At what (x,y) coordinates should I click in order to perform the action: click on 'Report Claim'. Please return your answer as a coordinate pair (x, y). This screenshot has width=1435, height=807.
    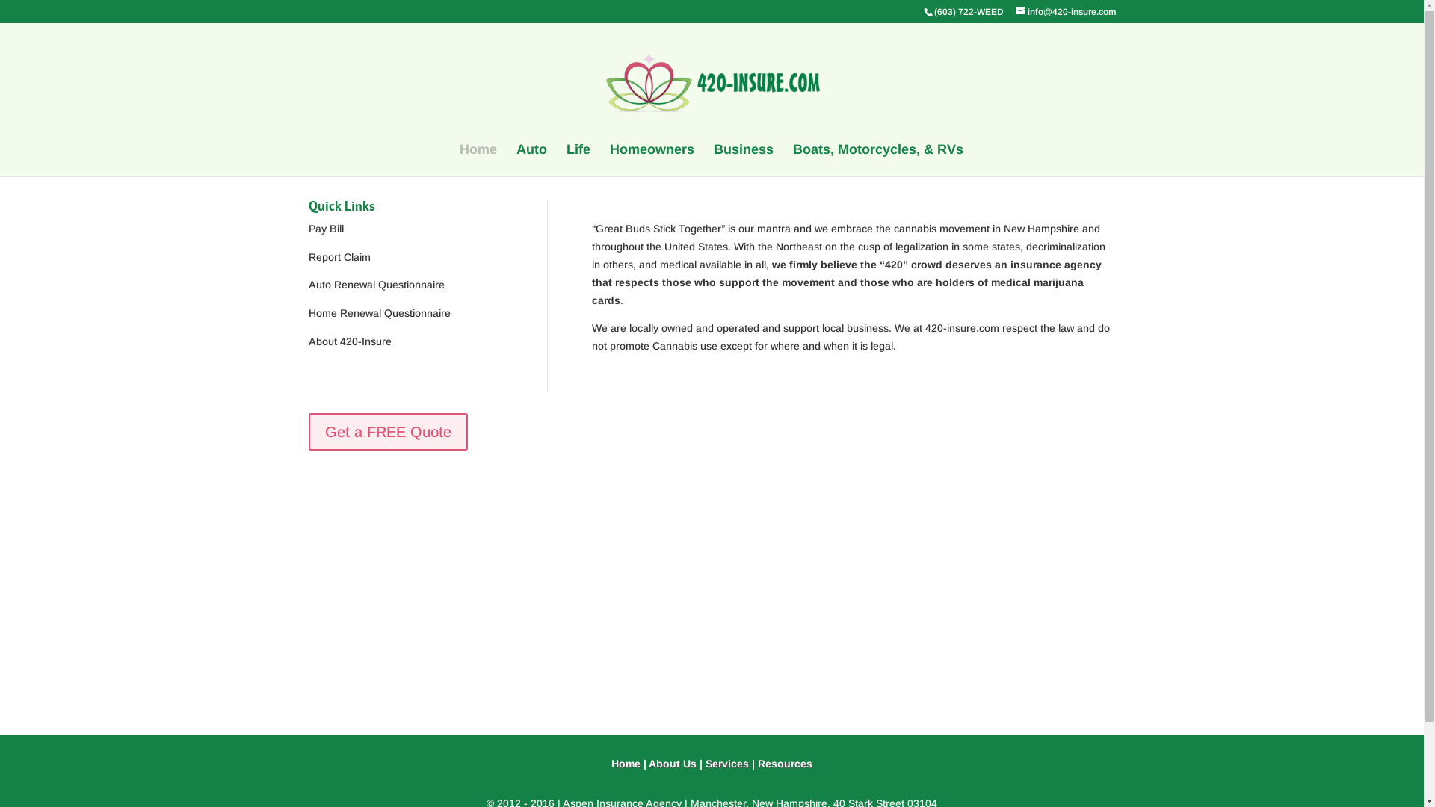
    Looking at the image, I should click on (307, 256).